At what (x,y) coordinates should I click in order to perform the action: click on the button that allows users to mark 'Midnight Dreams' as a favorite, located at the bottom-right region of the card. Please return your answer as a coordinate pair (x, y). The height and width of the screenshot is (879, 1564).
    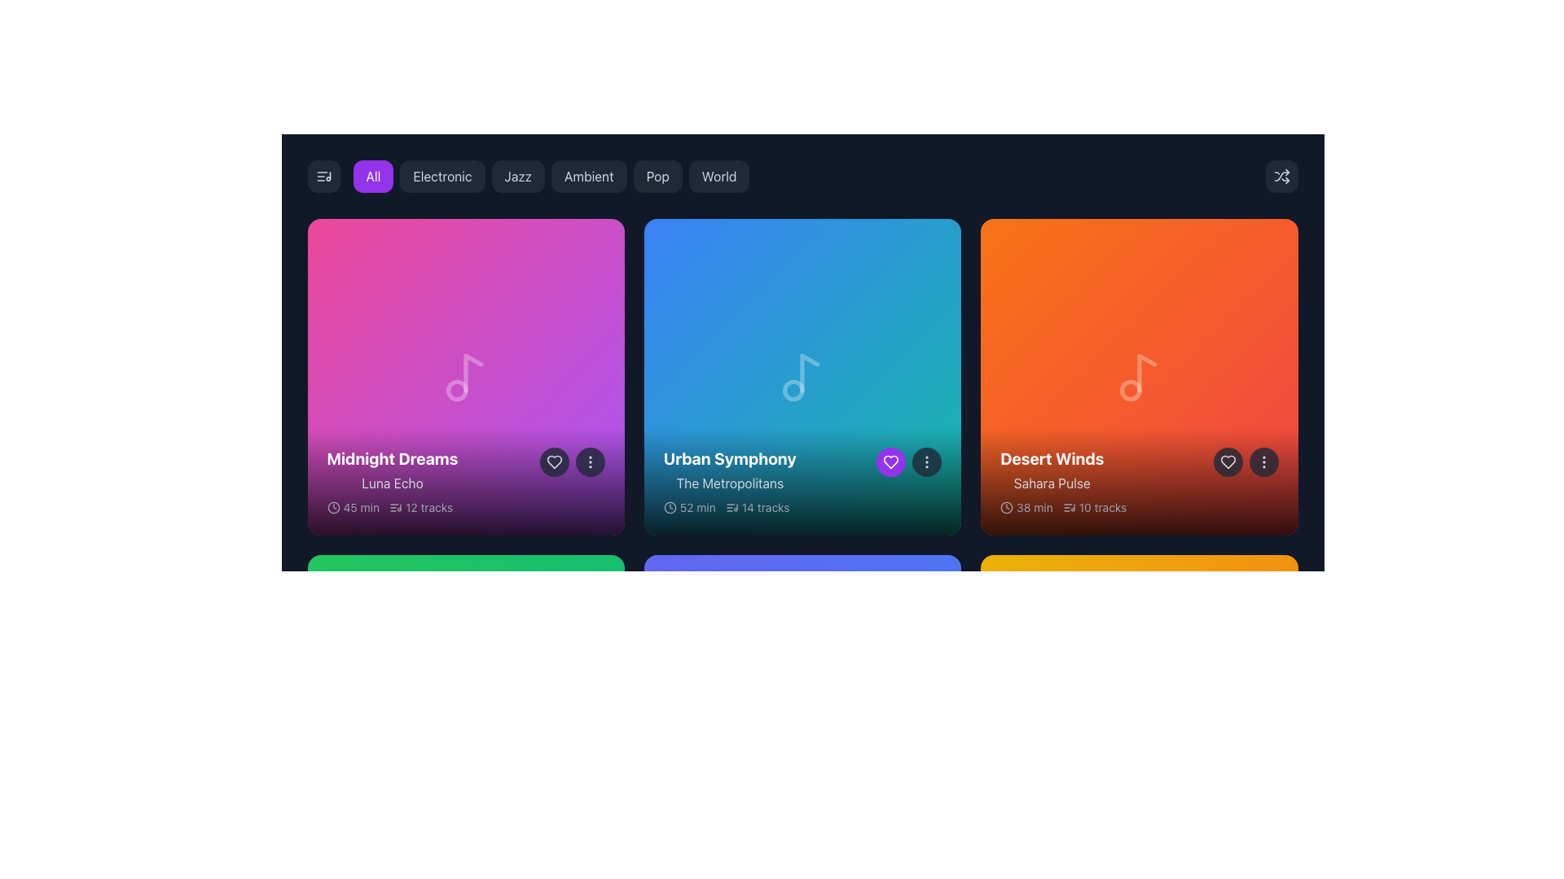
    Looking at the image, I should click on (554, 462).